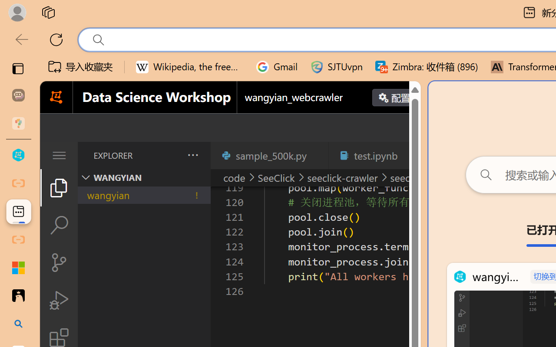 The height and width of the screenshot is (347, 556). What do you see at coordinates (277, 67) in the screenshot?
I see `'Gmail'` at bounding box center [277, 67].